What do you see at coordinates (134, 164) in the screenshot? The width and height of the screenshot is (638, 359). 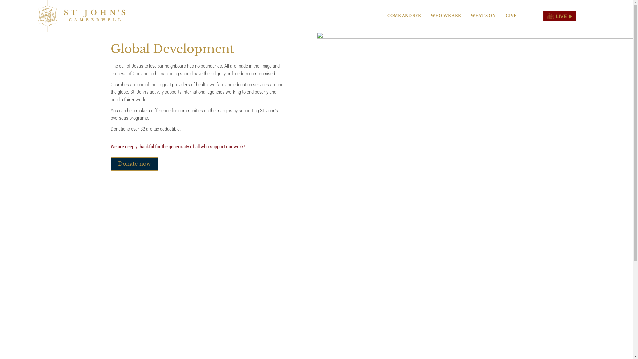 I see `'Donate now'` at bounding box center [134, 164].